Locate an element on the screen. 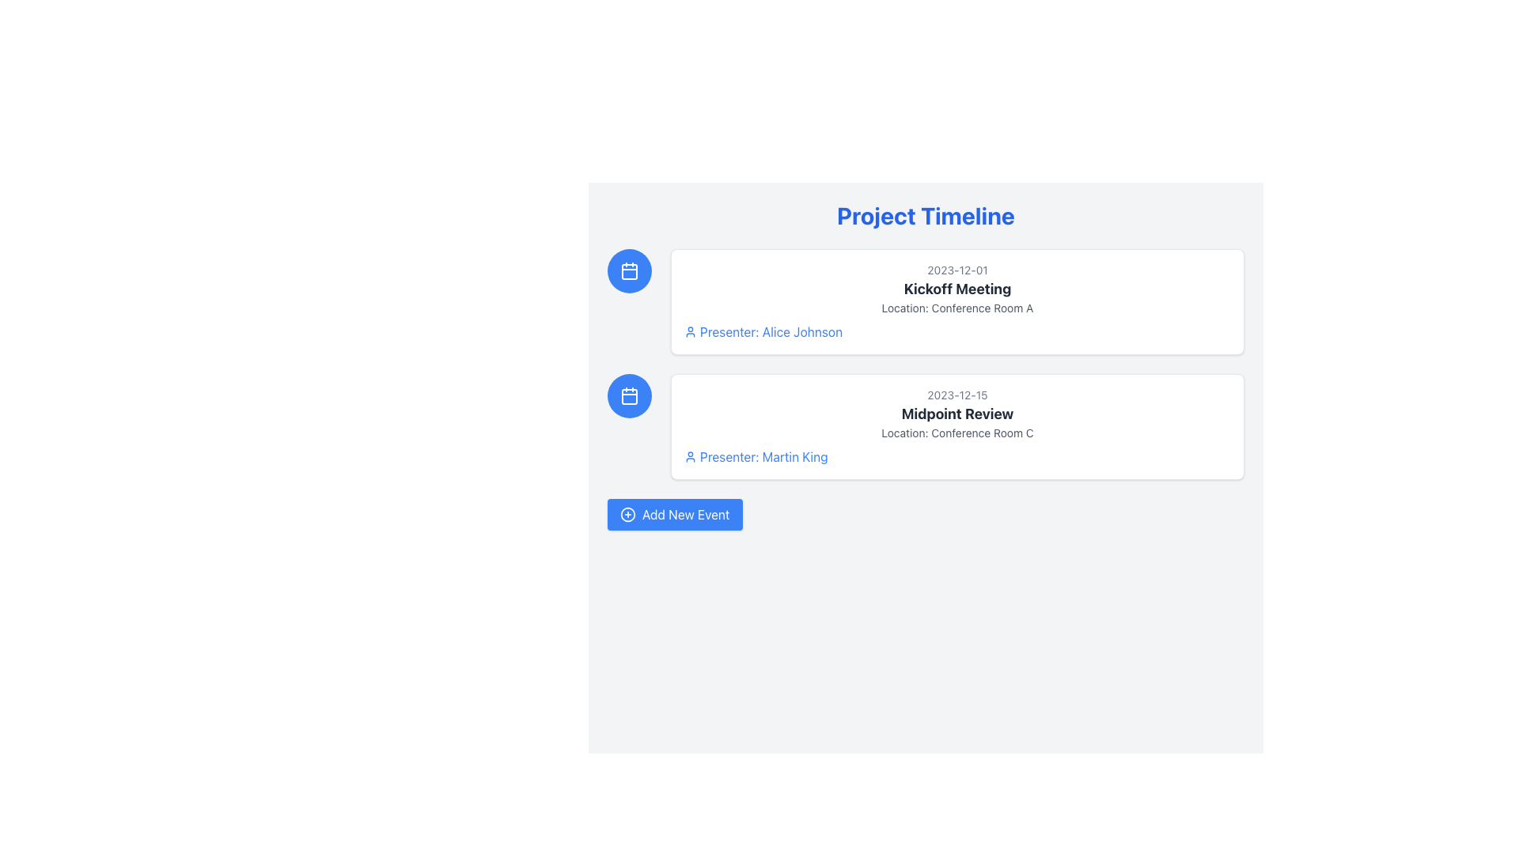  the 'Add New Event' button, which is a blue button with white text and a plus icon, positioned below the list of events is located at coordinates (675, 515).